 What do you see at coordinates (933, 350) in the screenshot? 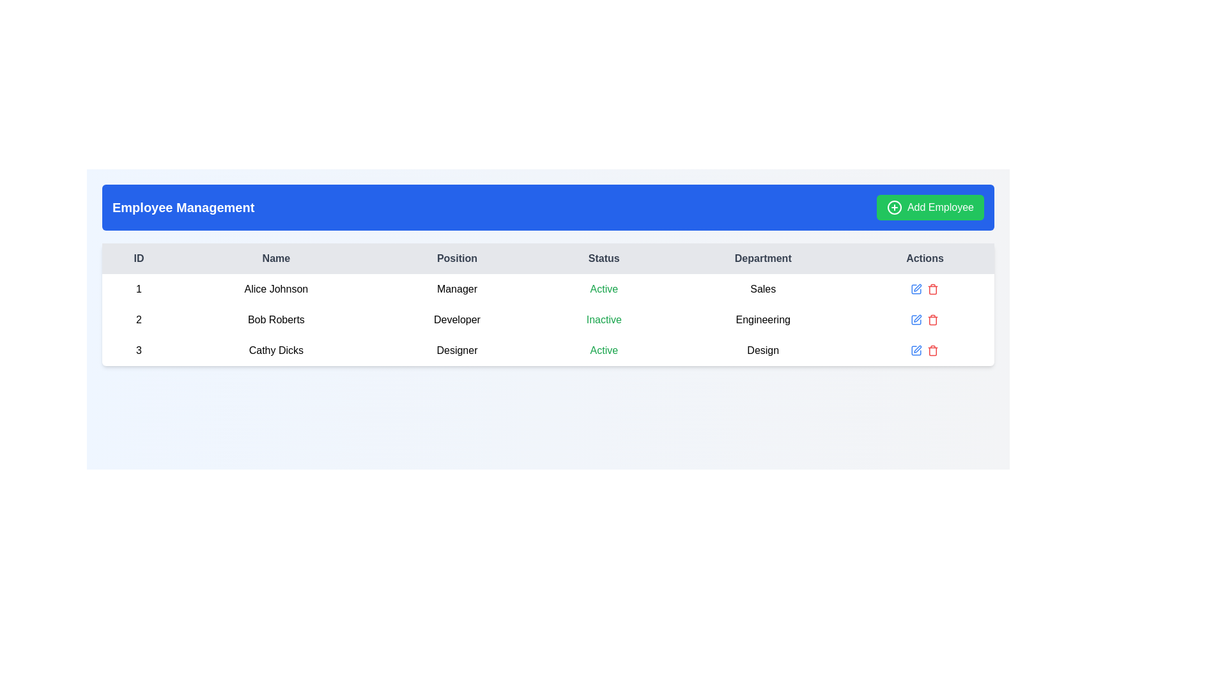
I see `the red trash can icon button in the last column of the third row of the table under 'Actions' for Cathy Dicks` at bounding box center [933, 350].